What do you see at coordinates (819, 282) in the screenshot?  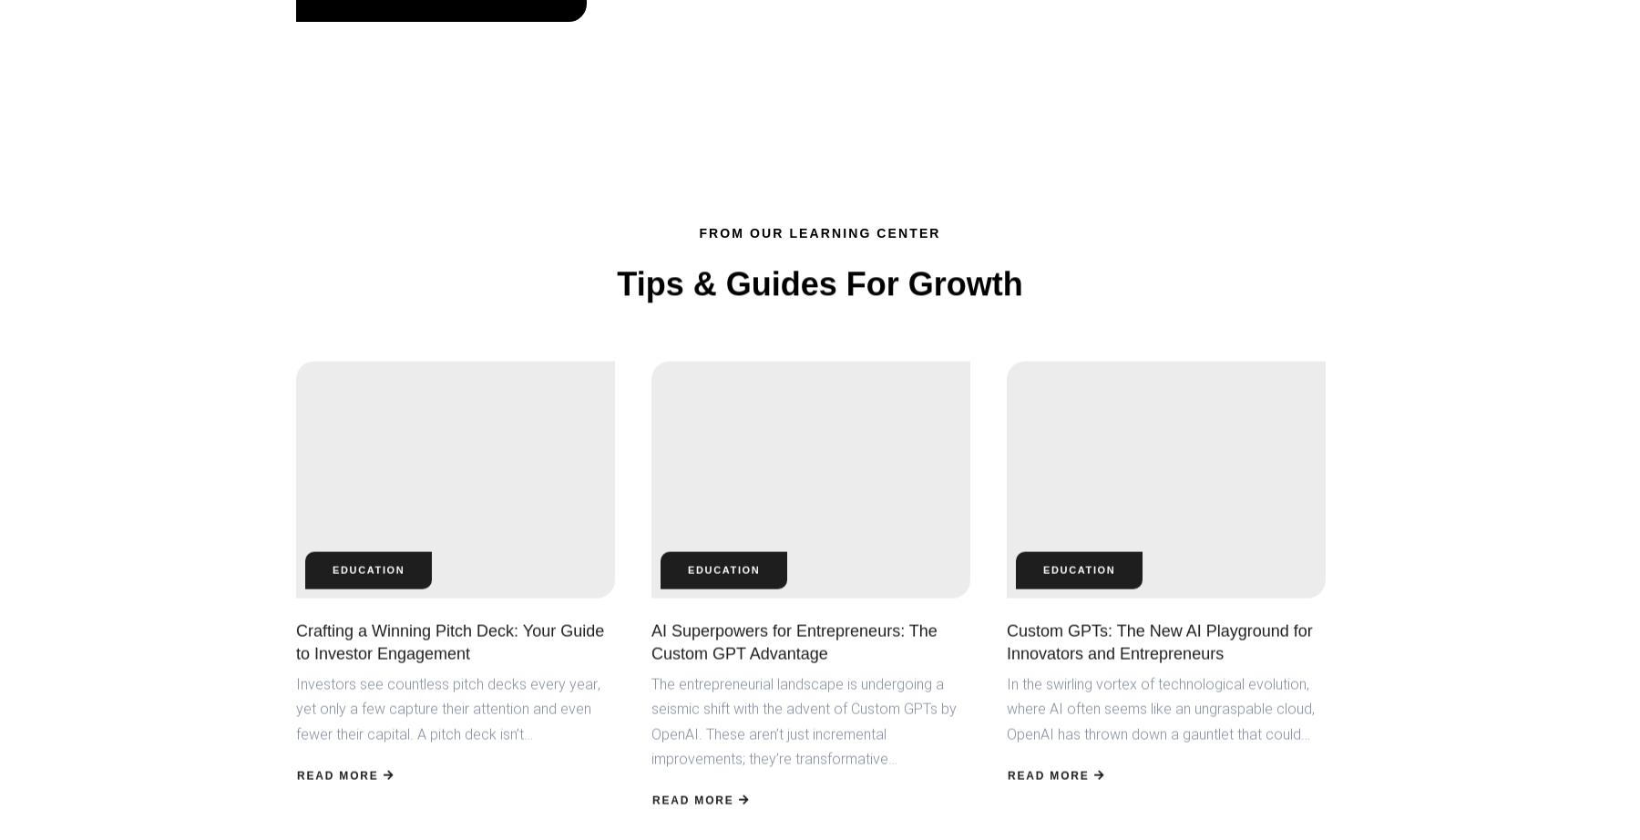 I see `'Tips & Guides For Growth'` at bounding box center [819, 282].